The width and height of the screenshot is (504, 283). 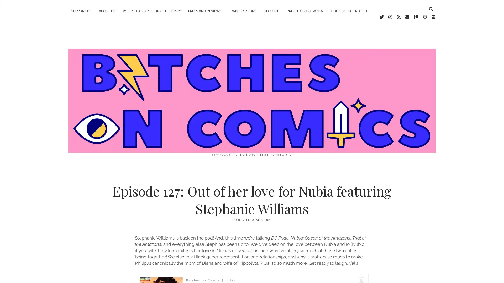 What do you see at coordinates (179, 10) in the screenshot?
I see `open menu` at bounding box center [179, 10].